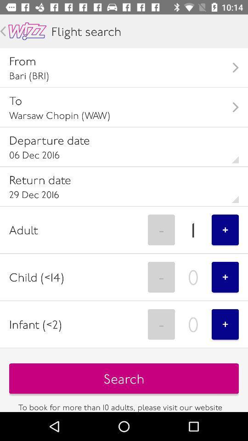 The image size is (248, 441). I want to click on an arrow pointing to the left when pressed goes back a page, so click(2, 31).